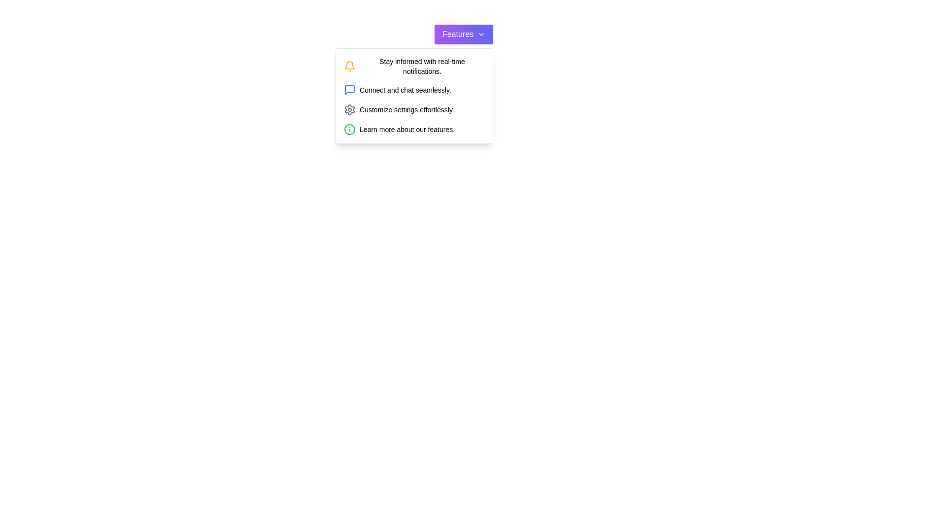  What do you see at coordinates (422, 66) in the screenshot?
I see `the topmost text label describing the notification functionality in the features menu, which is closely aligned with the yellow bell icon` at bounding box center [422, 66].